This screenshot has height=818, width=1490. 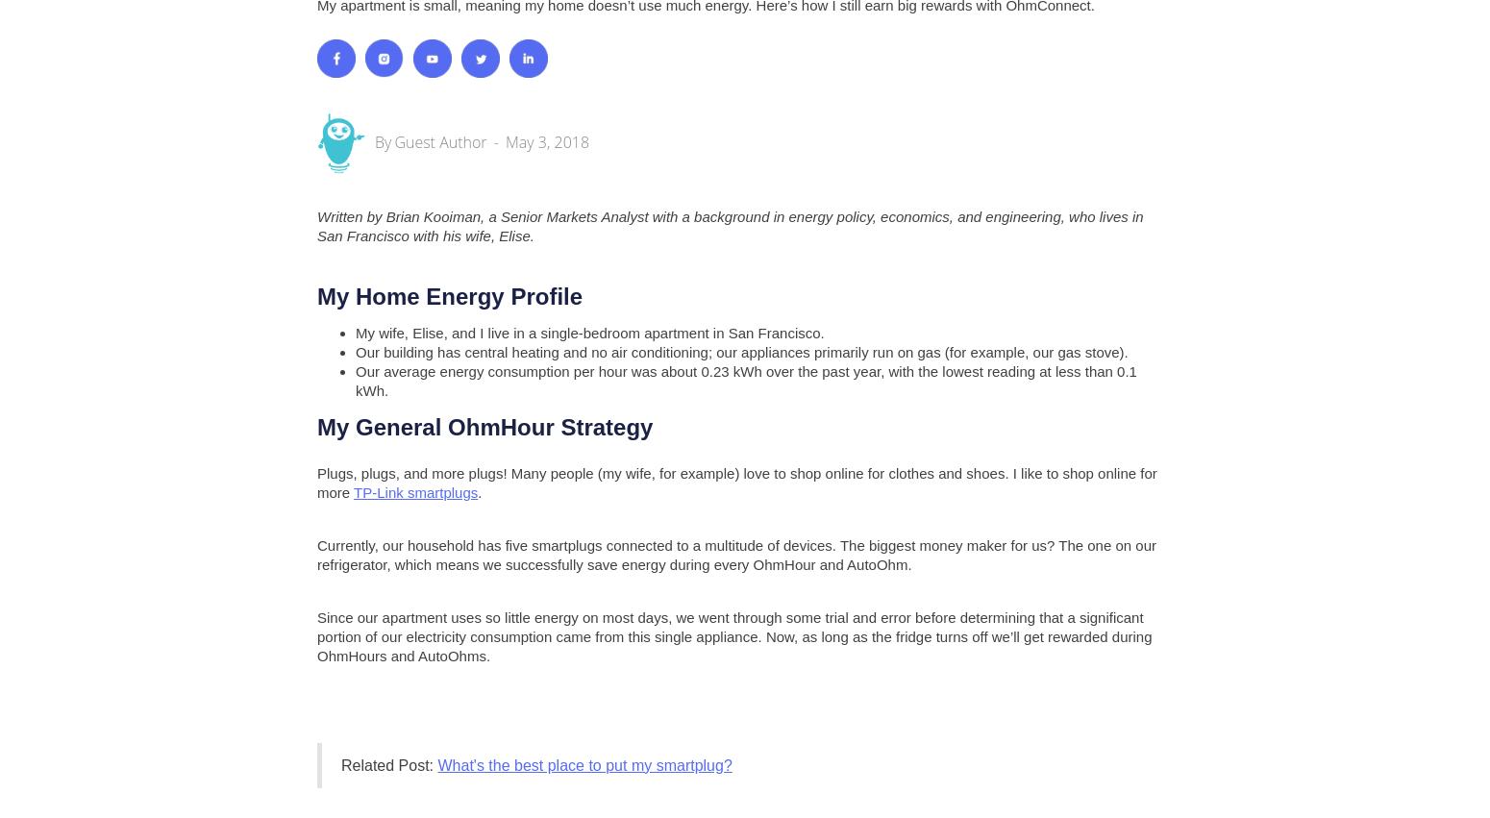 I want to click on 'Our building has central heating and no air conditioning; our appliances primarily run on gas (for example, our gas stove).', so click(x=354, y=351).